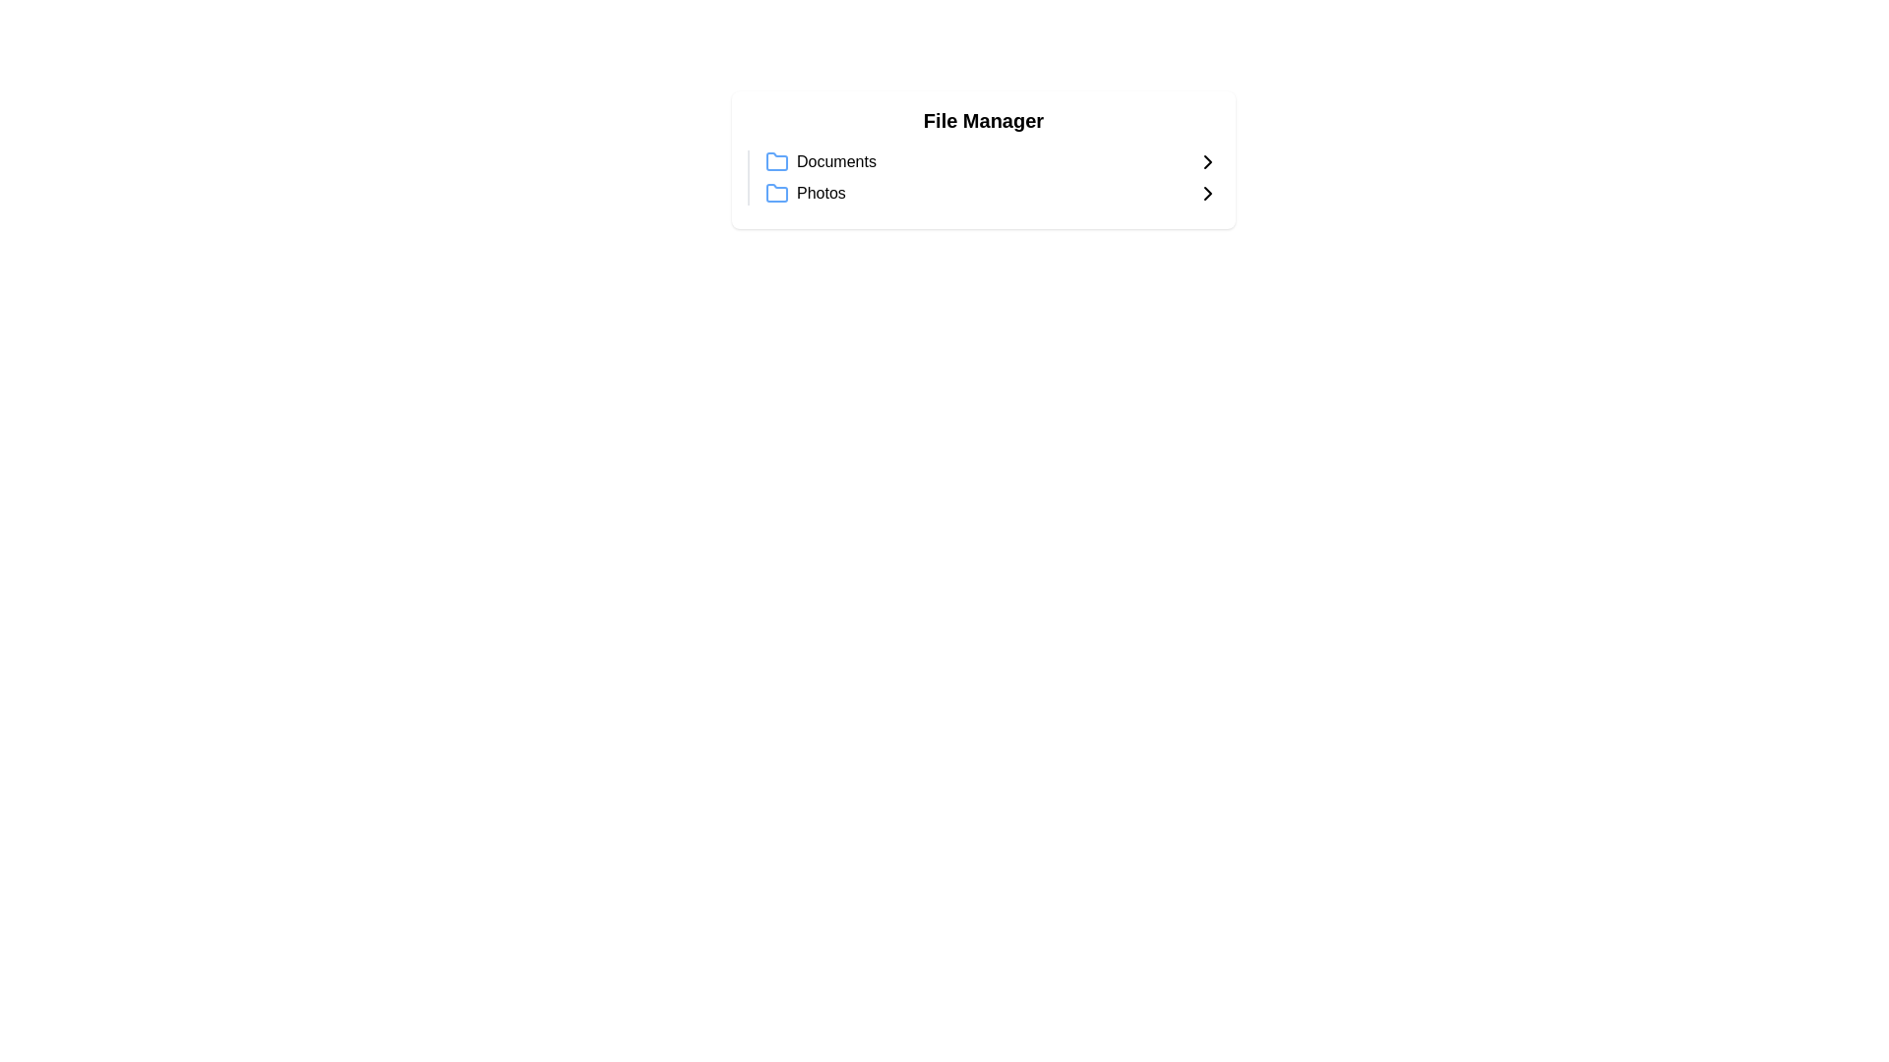 This screenshot has height=1062, width=1889. Describe the element at coordinates (776, 193) in the screenshot. I see `the 'Photos' icon within the 'File Manager' list, which is the second item and visually represented by a folder icon adjacent to the label` at that location.